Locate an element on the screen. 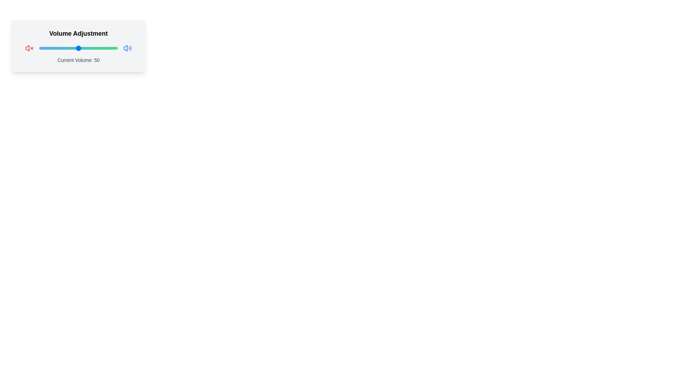  the slider to set the volume to 52 is located at coordinates (80, 48).